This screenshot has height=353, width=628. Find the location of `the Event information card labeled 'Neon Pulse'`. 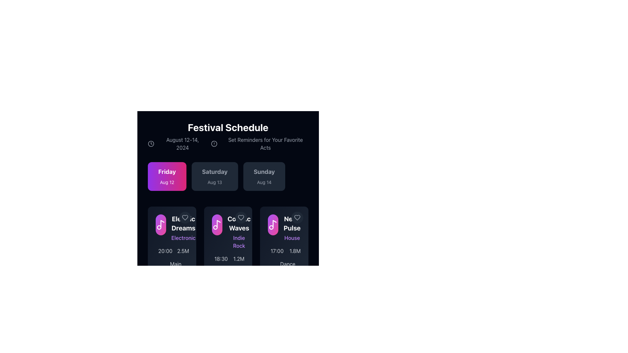

the Event information card labeled 'Neon Pulse' is located at coordinates (284, 251).